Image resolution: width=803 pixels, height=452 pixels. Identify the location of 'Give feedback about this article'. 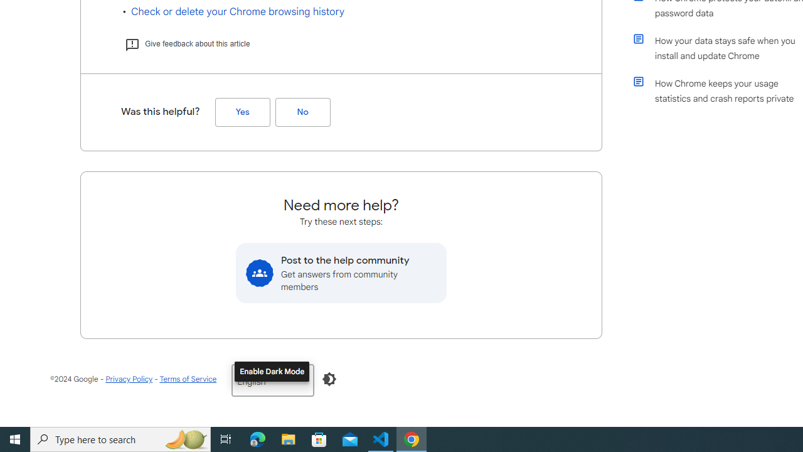
(186, 43).